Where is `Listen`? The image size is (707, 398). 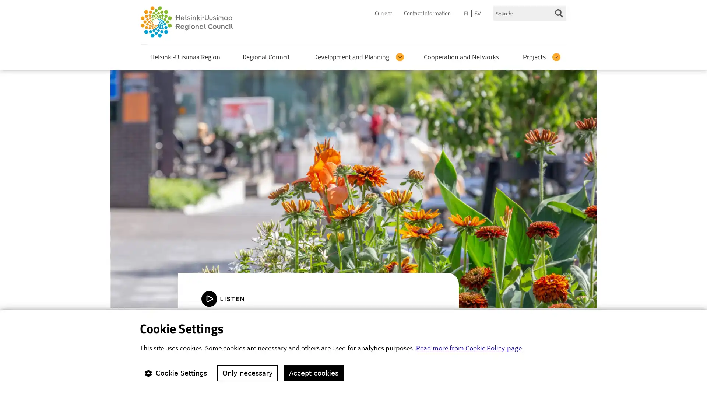 Listen is located at coordinates (229, 298).